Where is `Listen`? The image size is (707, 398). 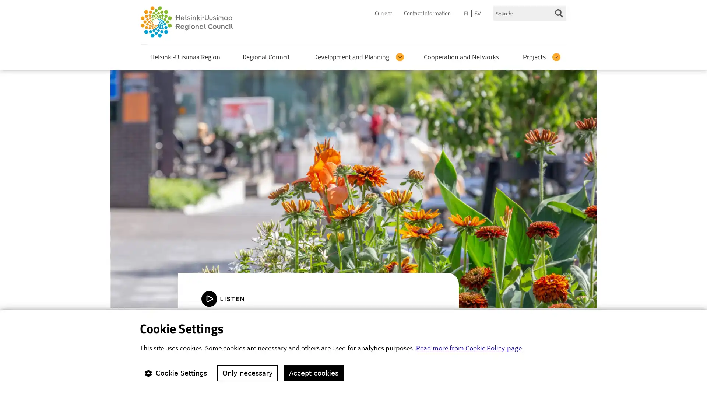 Listen is located at coordinates (229, 298).